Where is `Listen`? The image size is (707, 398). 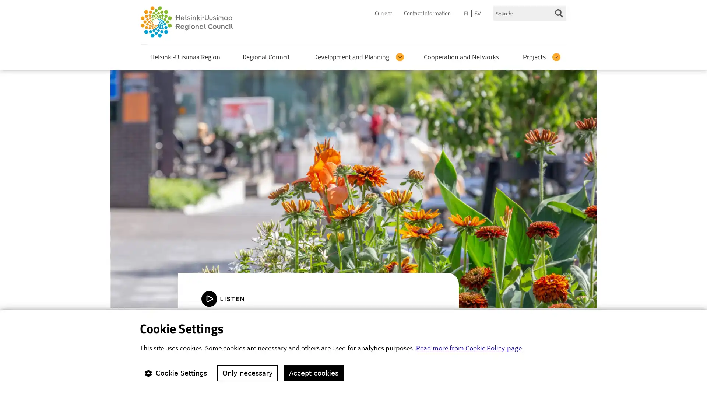 Listen is located at coordinates (229, 298).